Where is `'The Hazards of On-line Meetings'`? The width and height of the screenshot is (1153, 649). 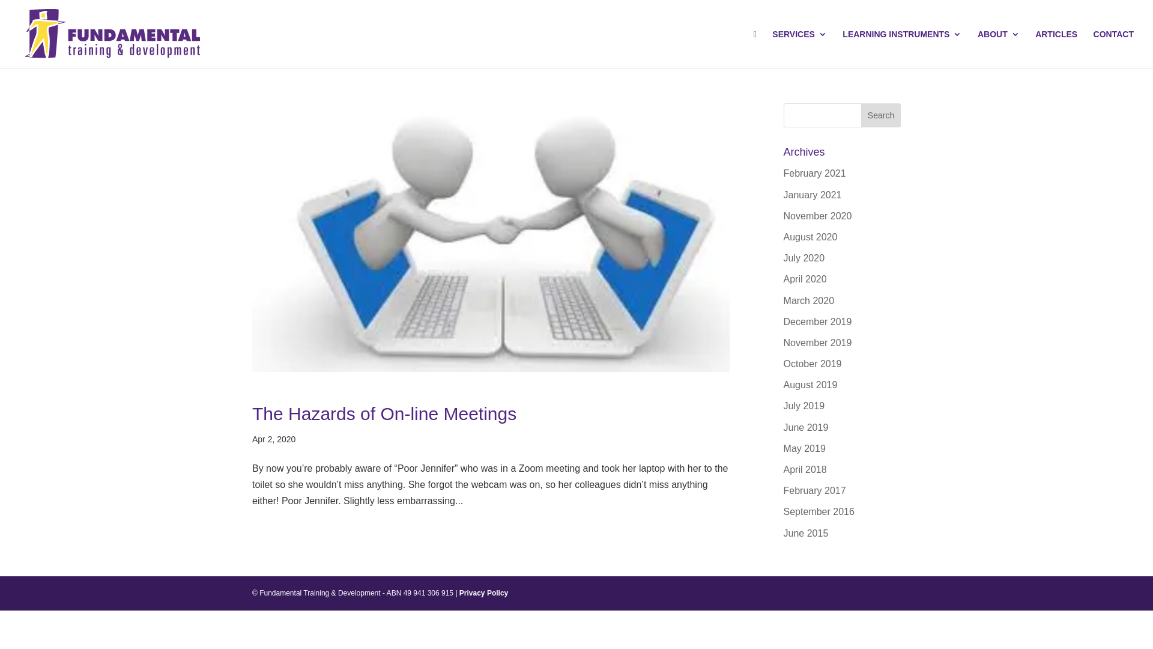 'The Hazards of On-line Meetings' is located at coordinates (383, 413).